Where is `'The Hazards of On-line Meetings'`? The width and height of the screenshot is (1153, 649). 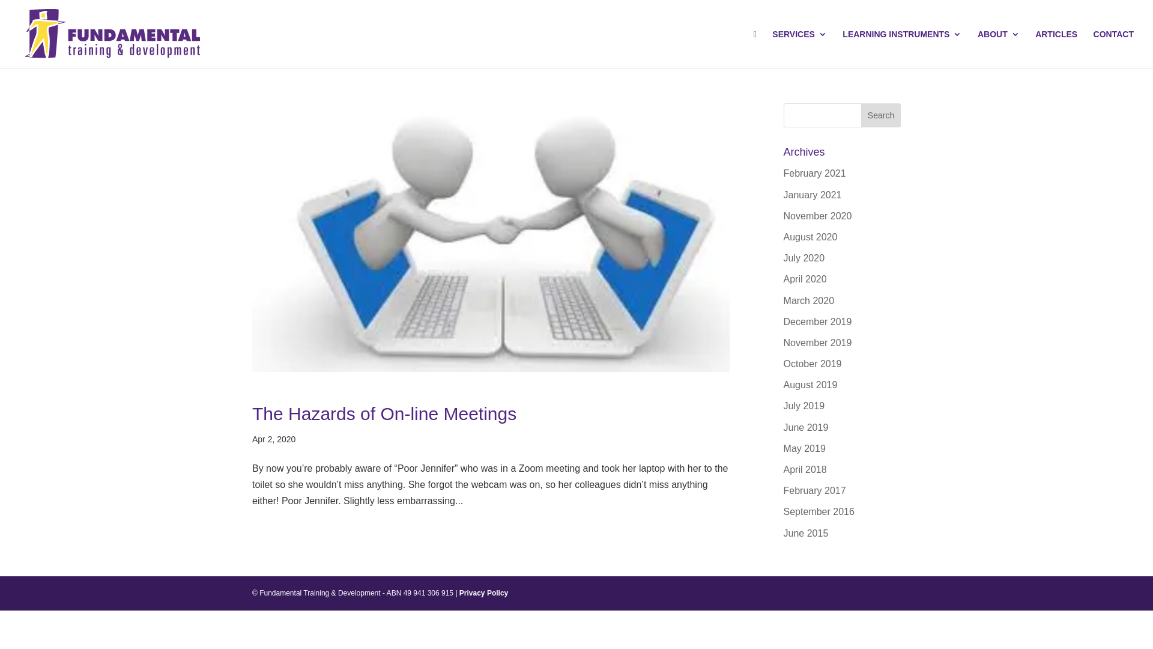 'The Hazards of On-line Meetings' is located at coordinates (383, 413).